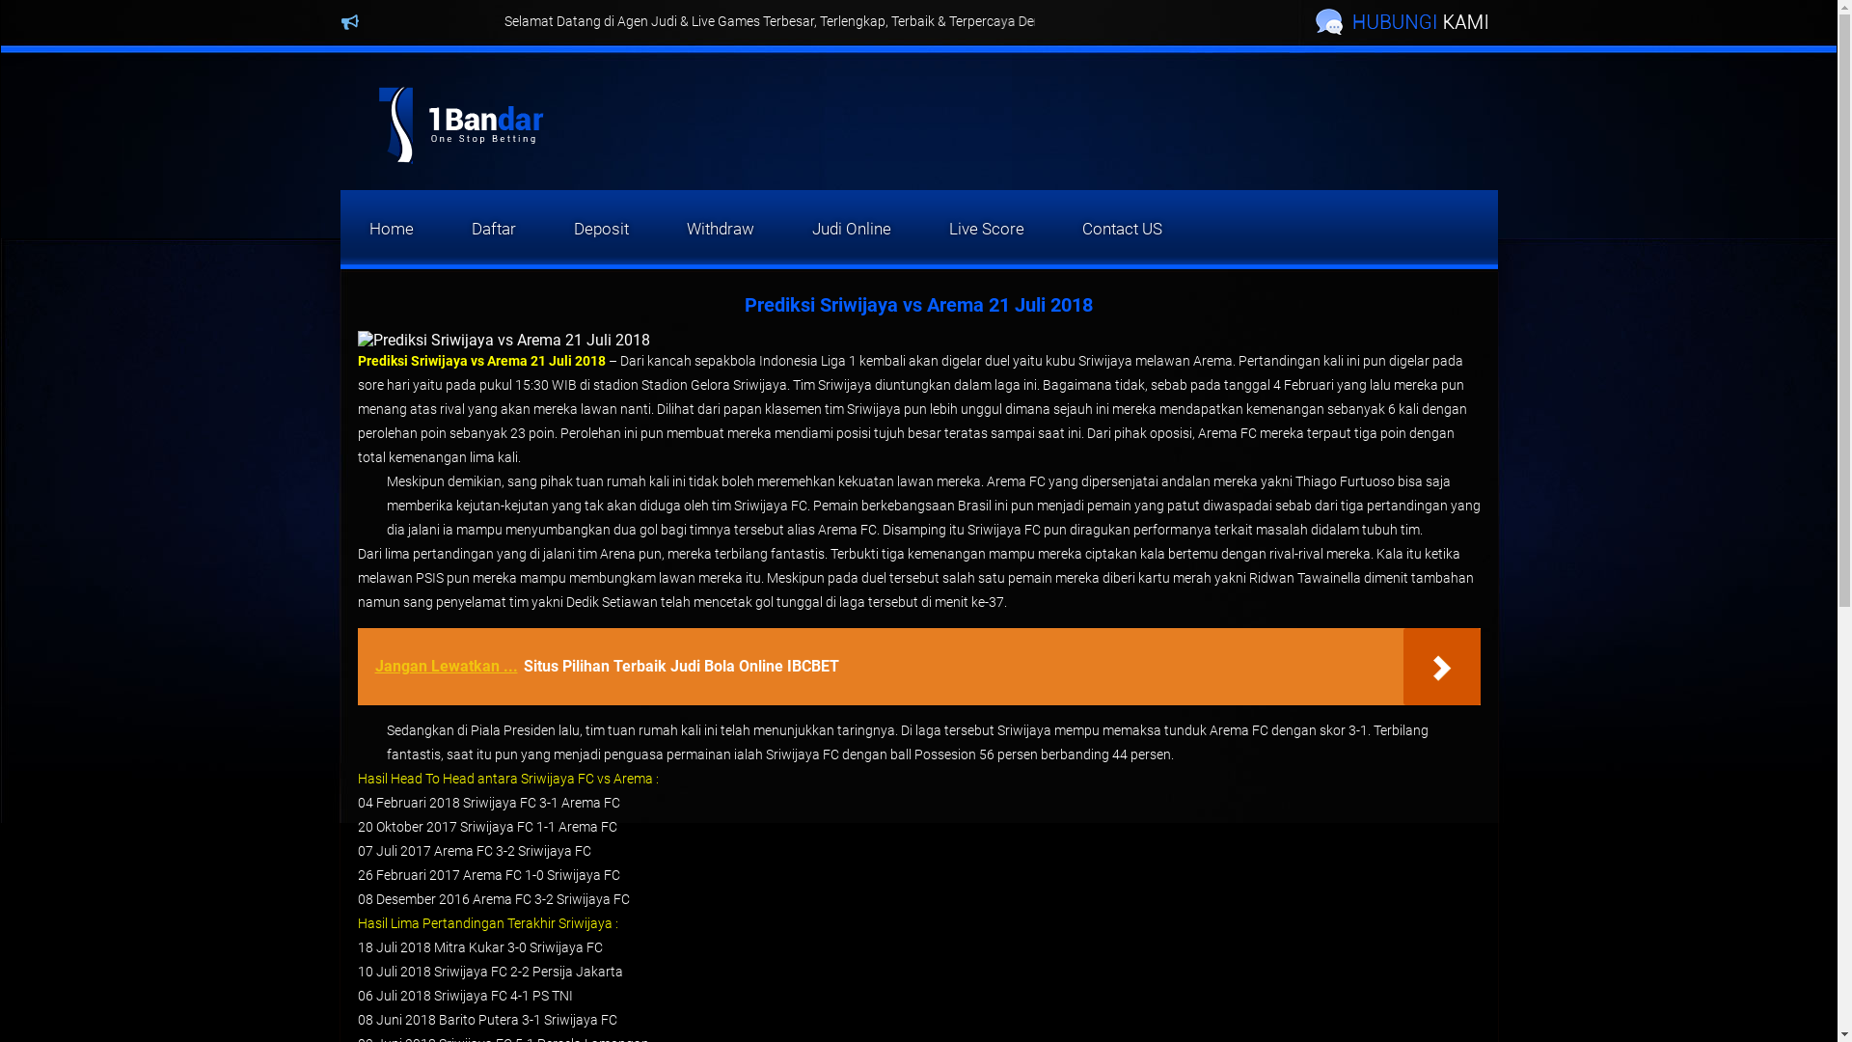 The width and height of the screenshot is (1852, 1042). What do you see at coordinates (919, 227) in the screenshot?
I see `'Live Score'` at bounding box center [919, 227].